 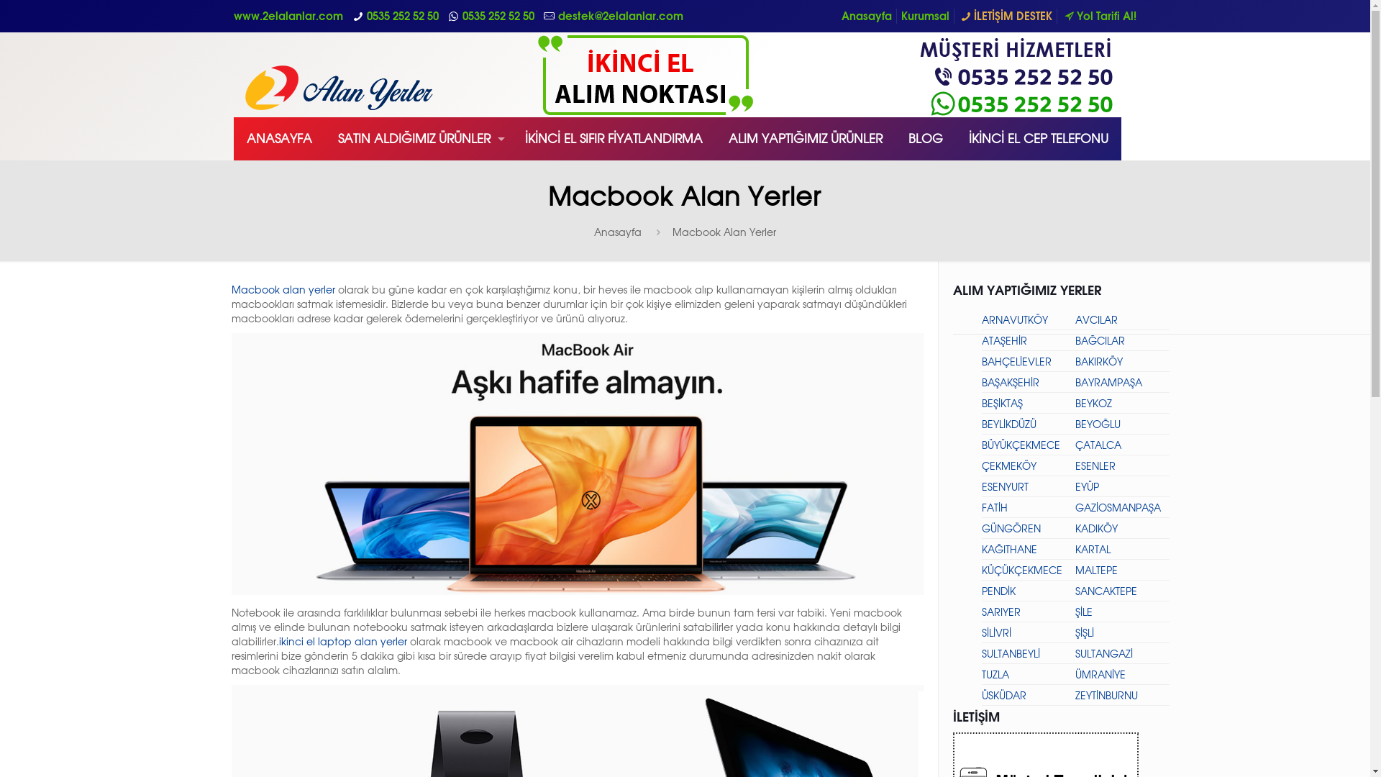 I want to click on 'TUZLA', so click(x=980, y=674).